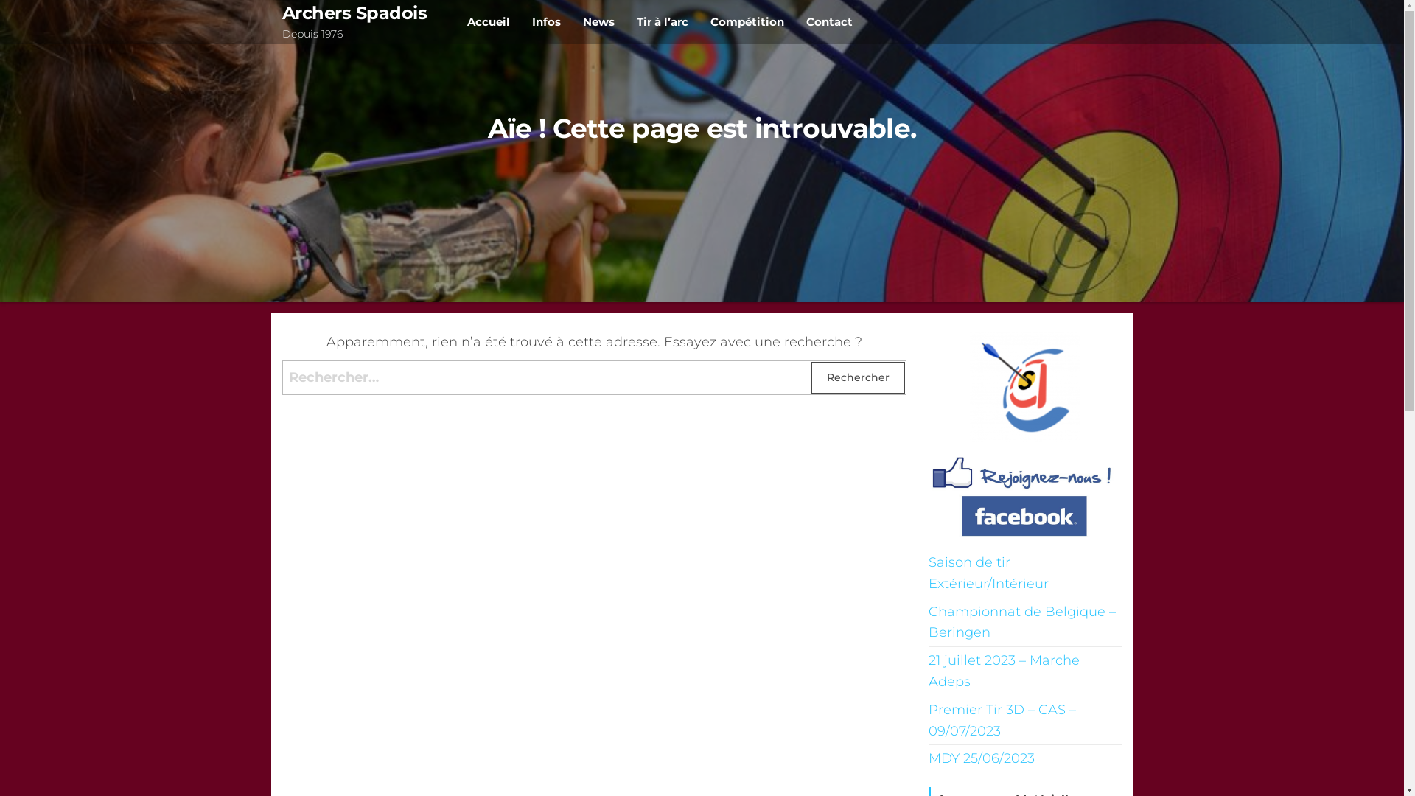  Describe the element at coordinates (598, 22) in the screenshot. I see `'News'` at that location.